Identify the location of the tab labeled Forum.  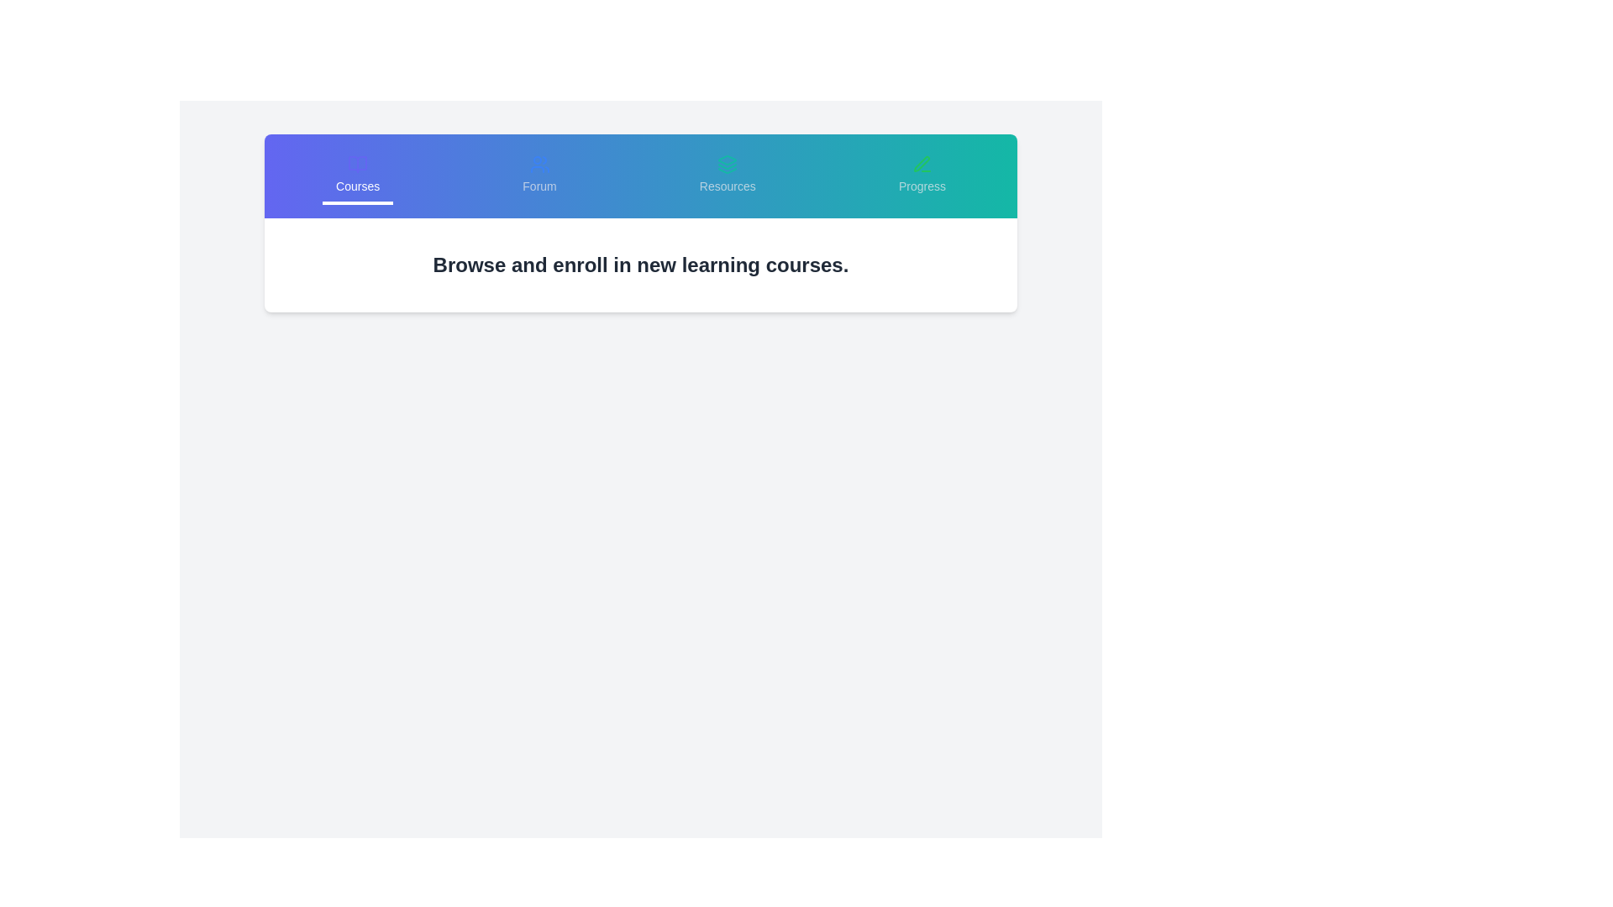
(539, 176).